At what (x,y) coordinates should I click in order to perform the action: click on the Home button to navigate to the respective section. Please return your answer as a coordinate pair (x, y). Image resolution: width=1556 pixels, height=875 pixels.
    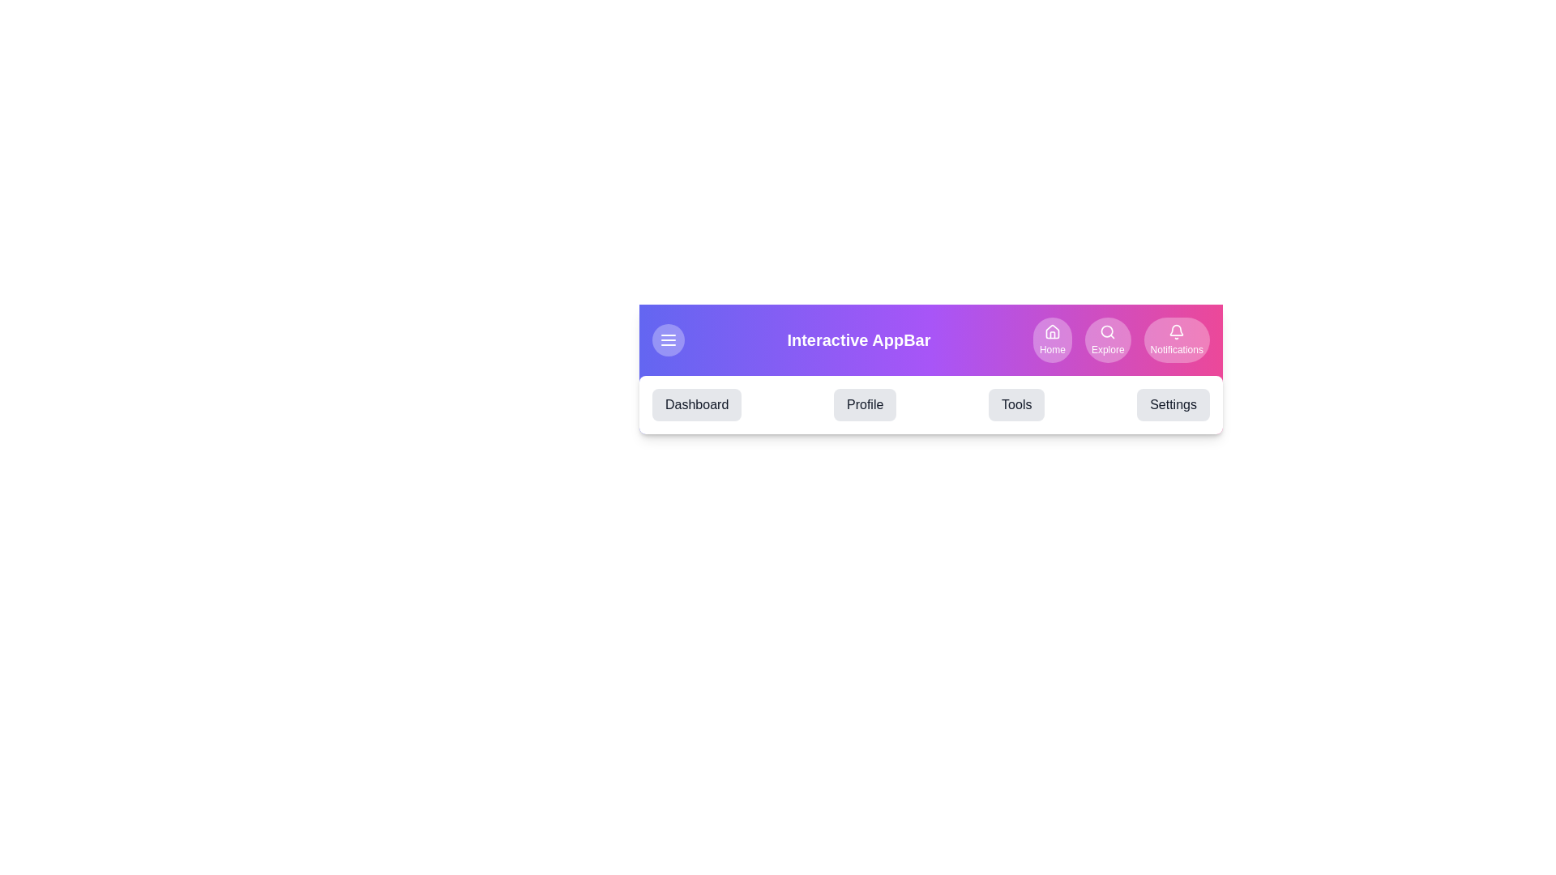
    Looking at the image, I should click on (1052, 339).